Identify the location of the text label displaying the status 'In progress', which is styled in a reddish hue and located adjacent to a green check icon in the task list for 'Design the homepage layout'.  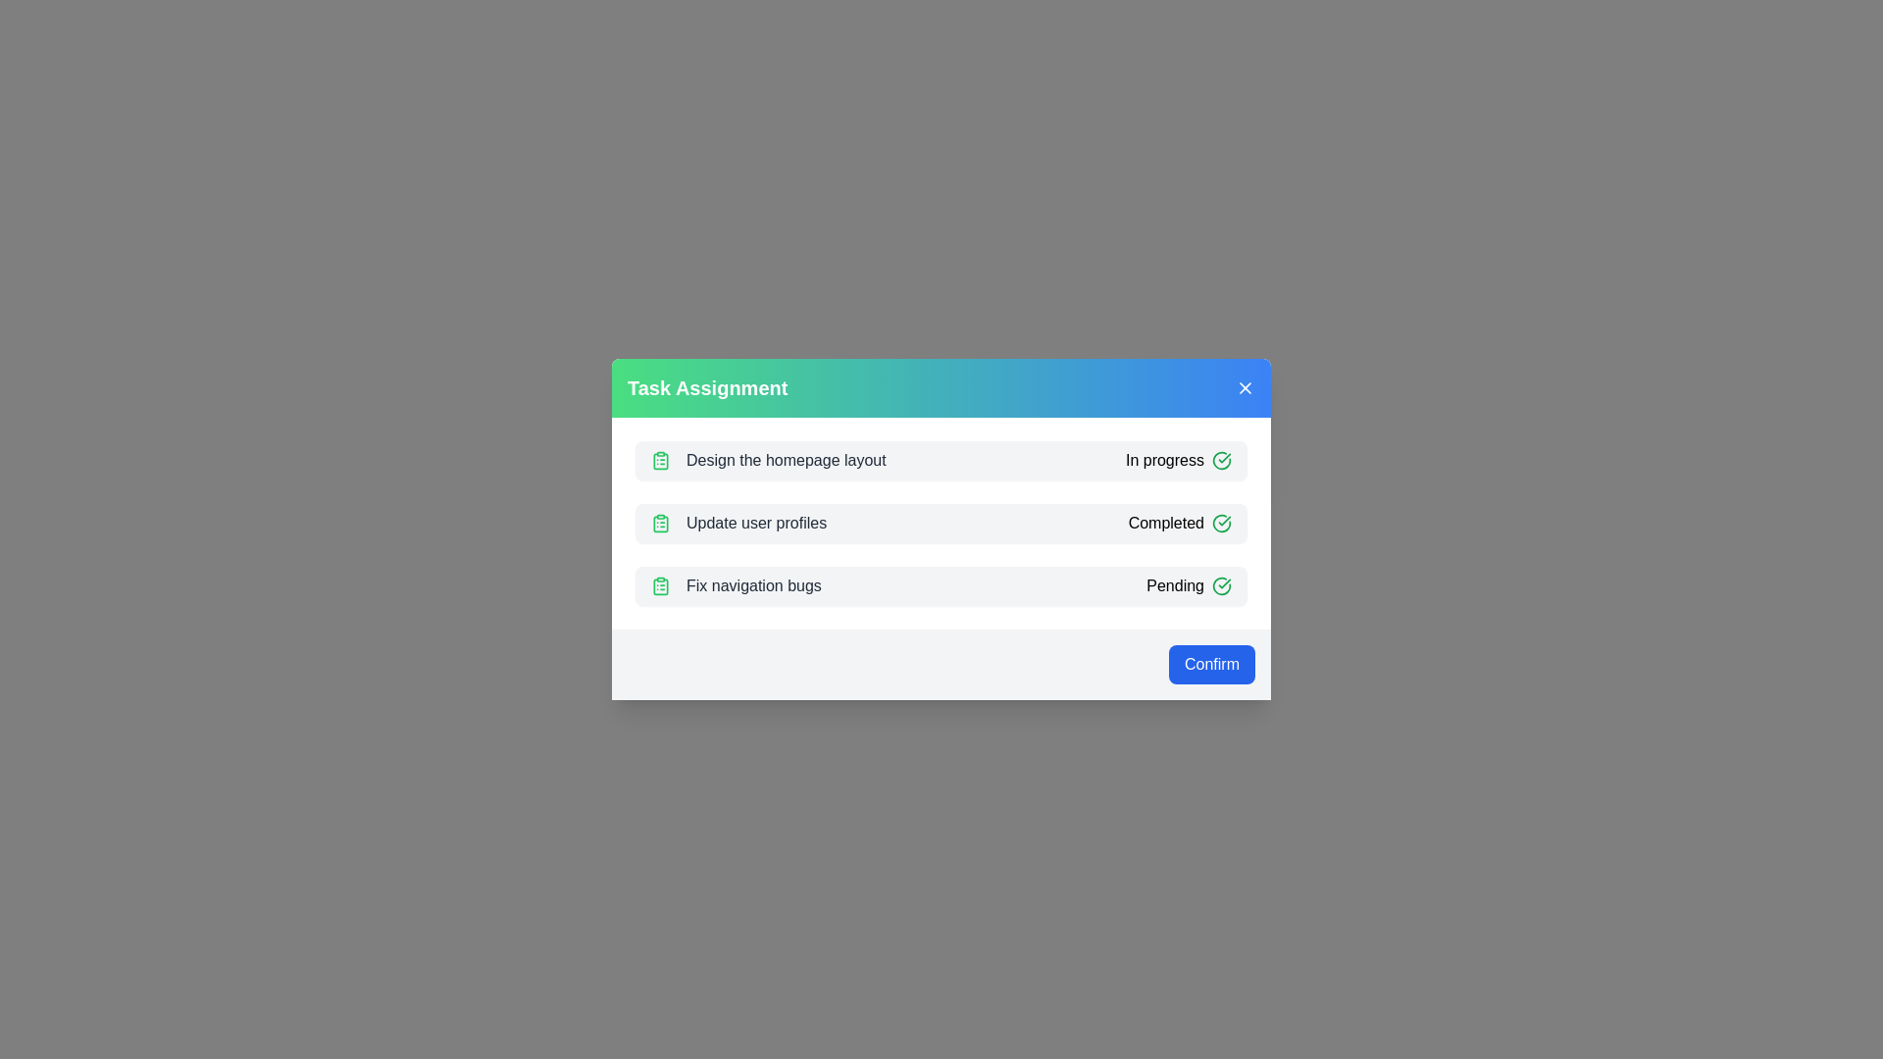
(1177, 461).